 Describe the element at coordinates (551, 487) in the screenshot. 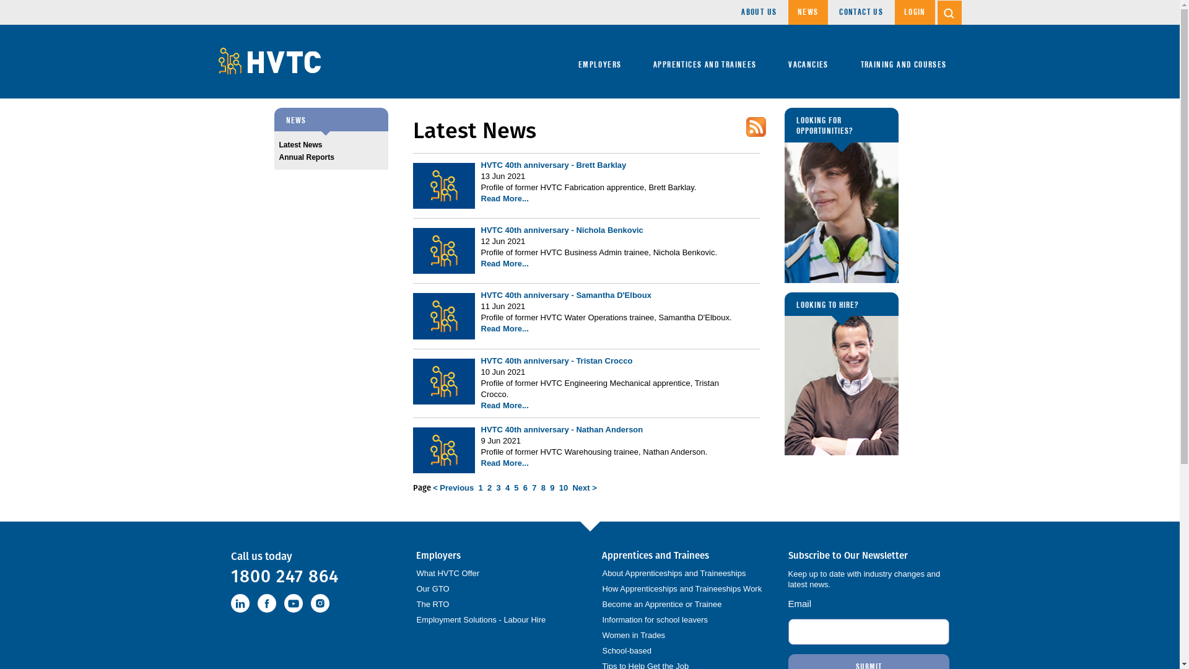

I see `'9'` at that location.